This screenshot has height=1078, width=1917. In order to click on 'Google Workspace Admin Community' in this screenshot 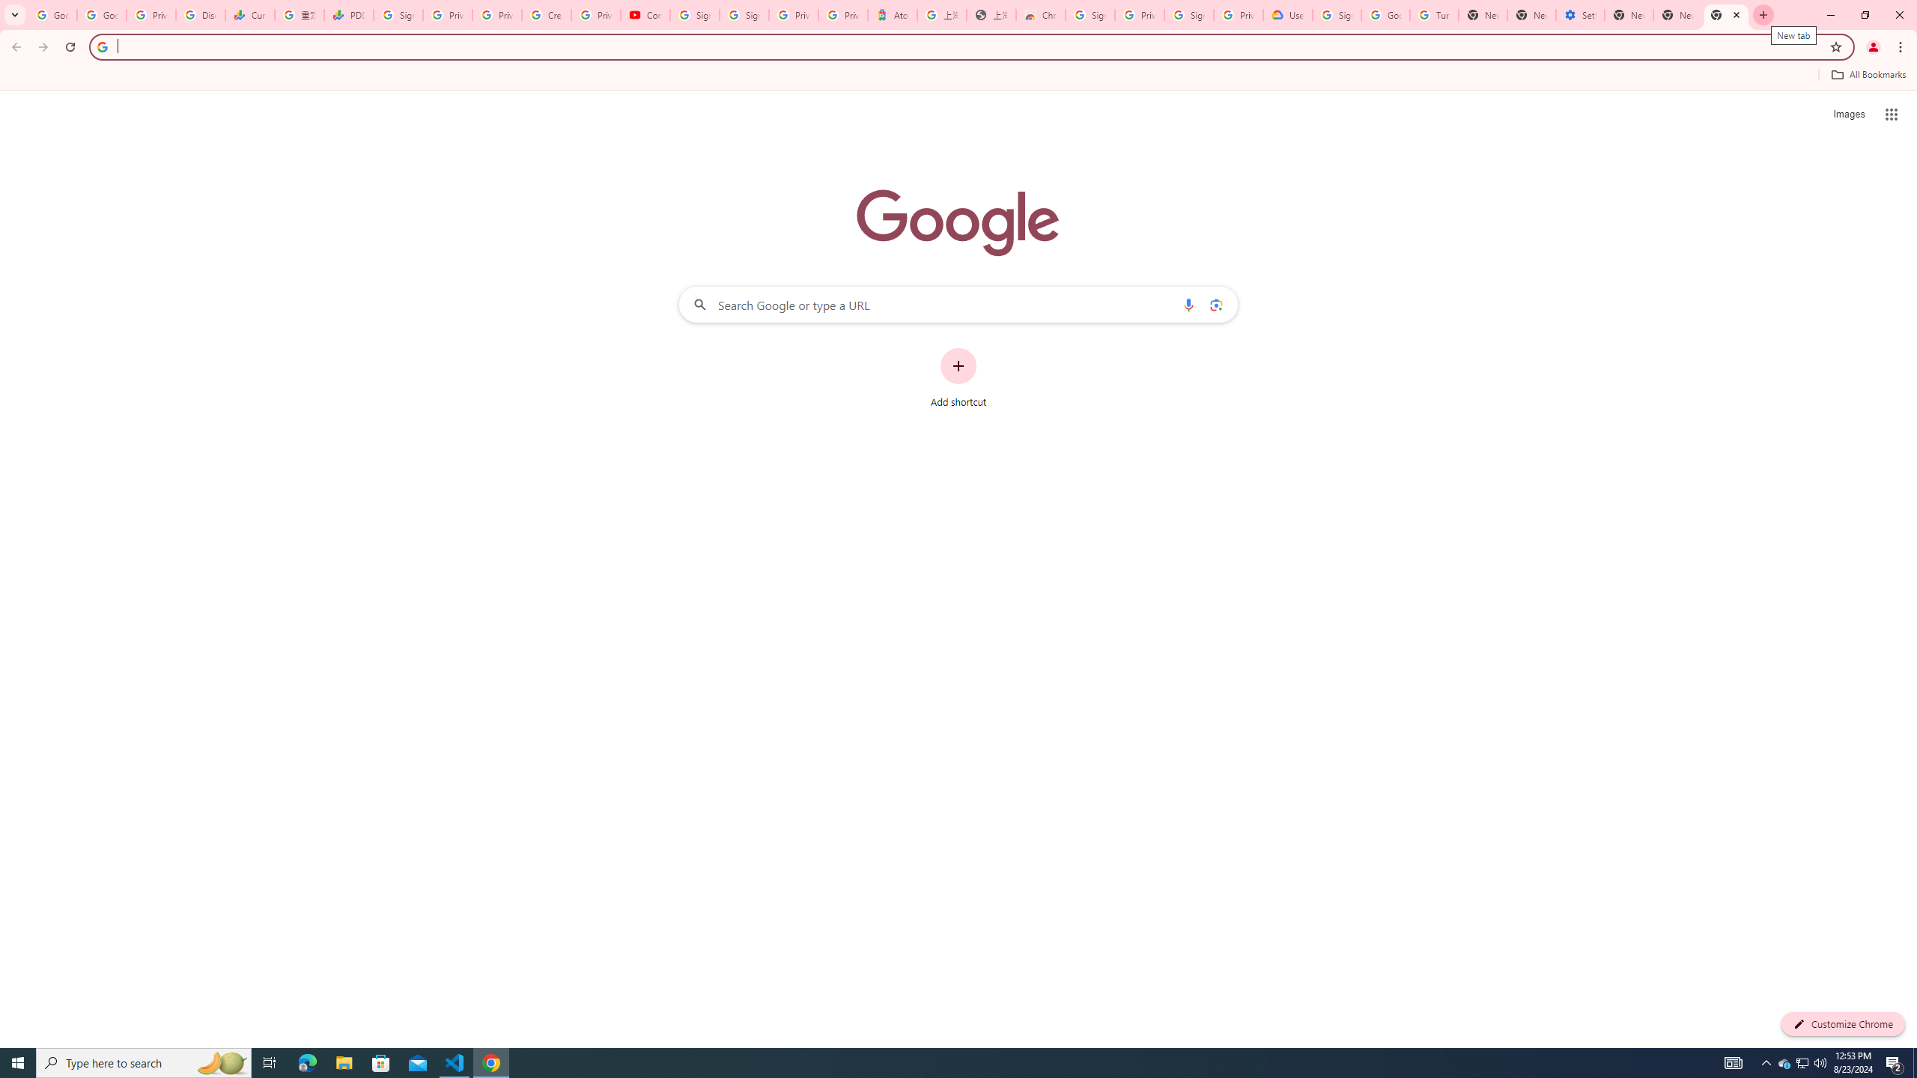, I will do `click(52, 14)`.